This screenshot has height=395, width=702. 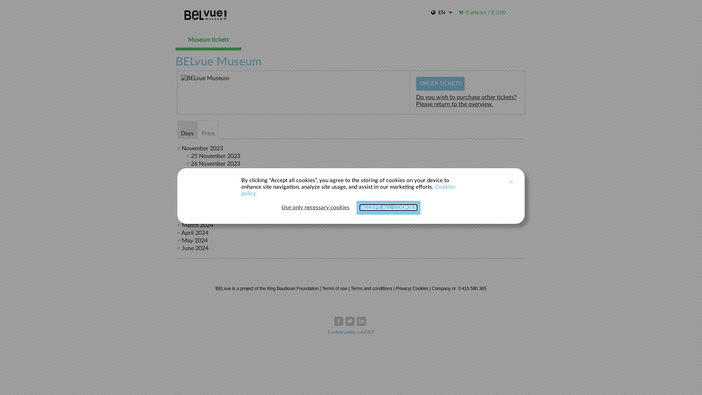 I want to click on 'ACCEPT ALL COOKIES', so click(x=360, y=207).